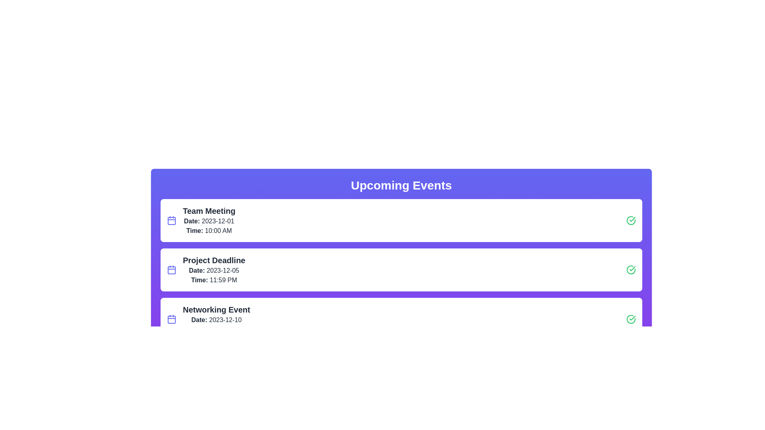 This screenshot has width=765, height=430. Describe the element at coordinates (197, 270) in the screenshot. I see `the Text label indicating the date for the event 'Project Deadline' located in the second event section under 'Upcoming Events', above 'Time: 11:59 PM' and to the left of '2023-12-05'` at that location.